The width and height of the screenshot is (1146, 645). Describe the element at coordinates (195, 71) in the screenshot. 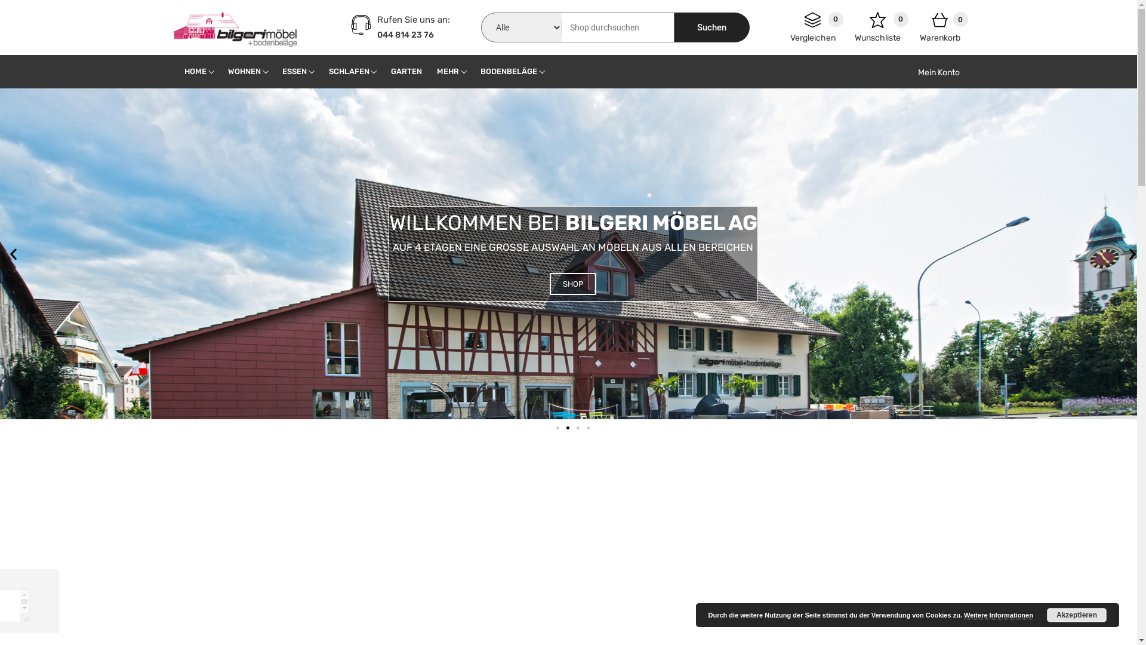

I see `'HOME'` at that location.